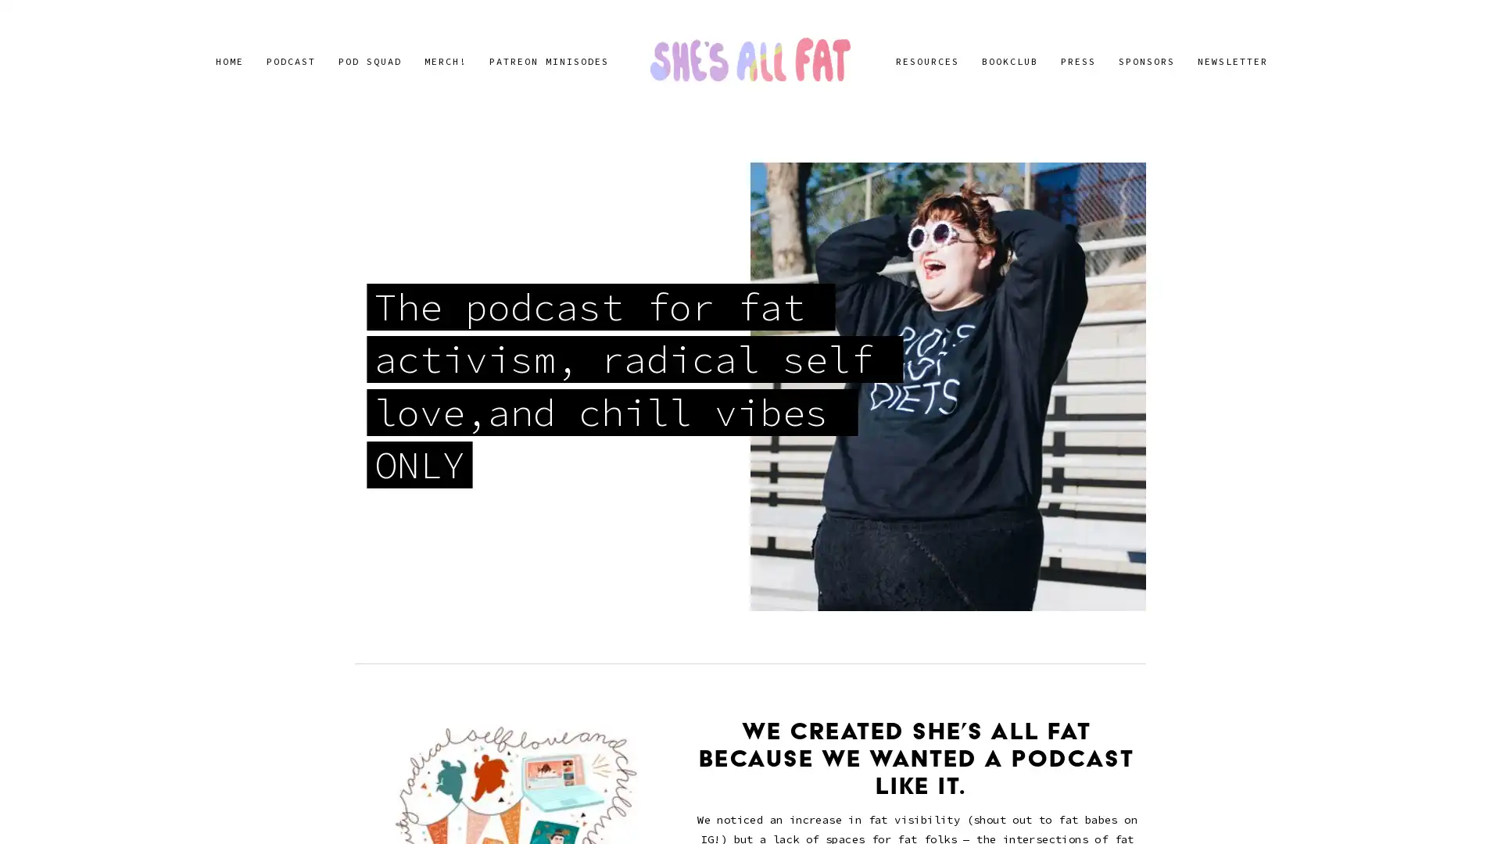 Image resolution: width=1501 pixels, height=844 pixels. What do you see at coordinates (1025, 235) in the screenshot?
I see `Close` at bounding box center [1025, 235].